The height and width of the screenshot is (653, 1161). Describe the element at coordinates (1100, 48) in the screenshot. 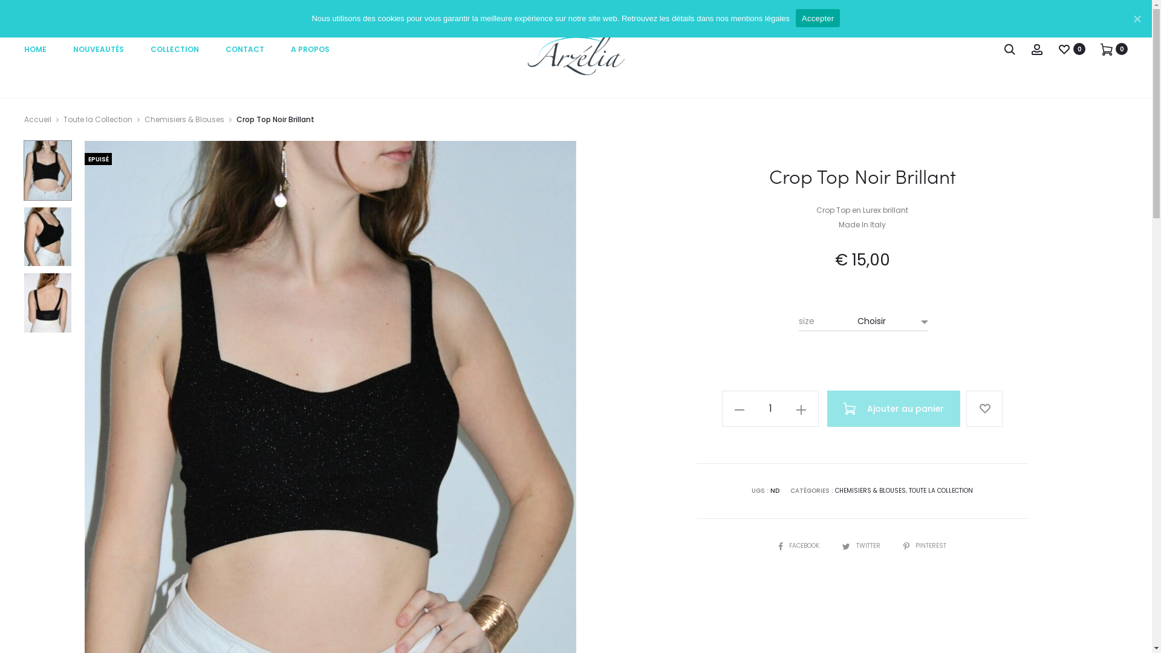

I see `'0'` at that location.